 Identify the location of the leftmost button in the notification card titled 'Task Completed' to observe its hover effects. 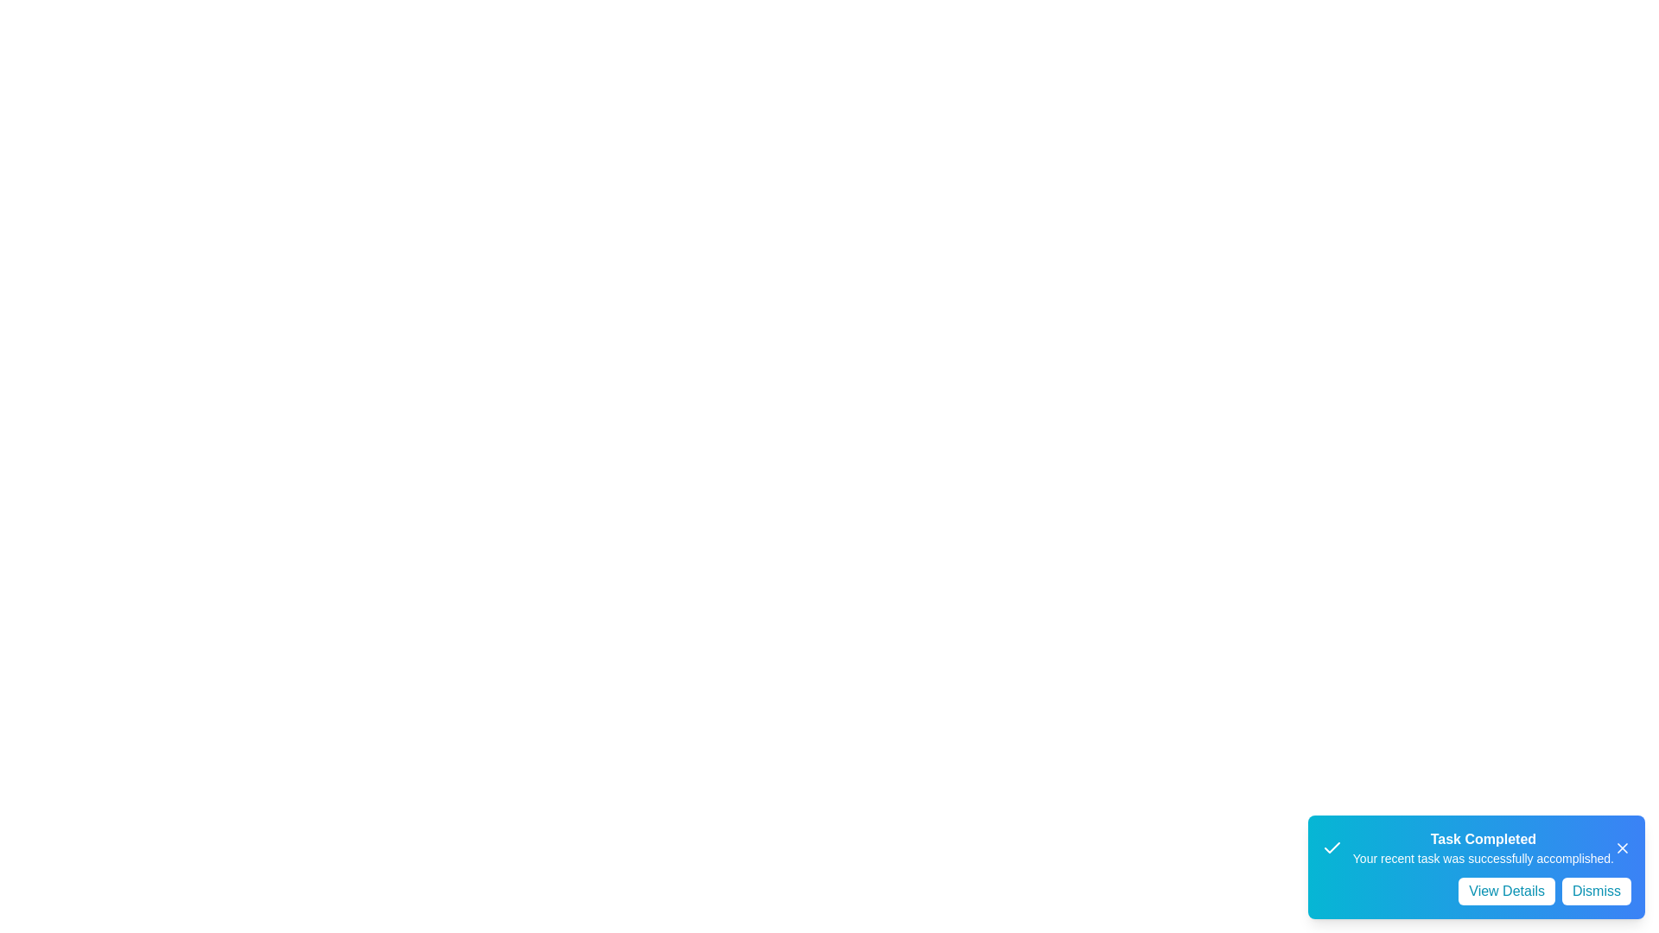
(1506, 892).